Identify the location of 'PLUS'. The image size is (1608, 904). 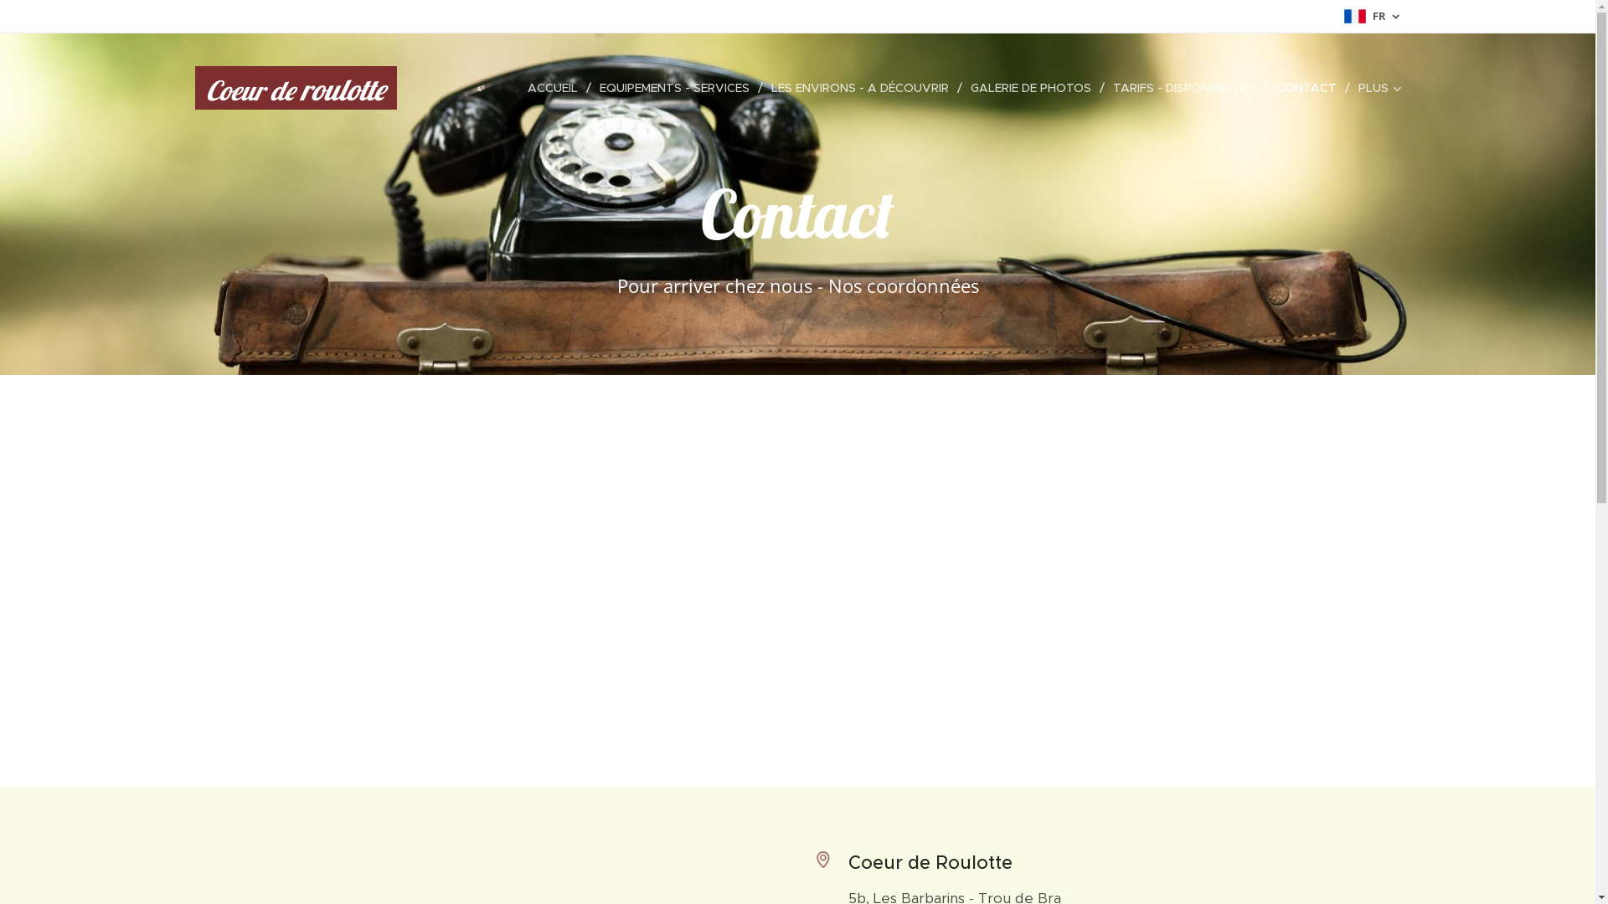
(1375, 87).